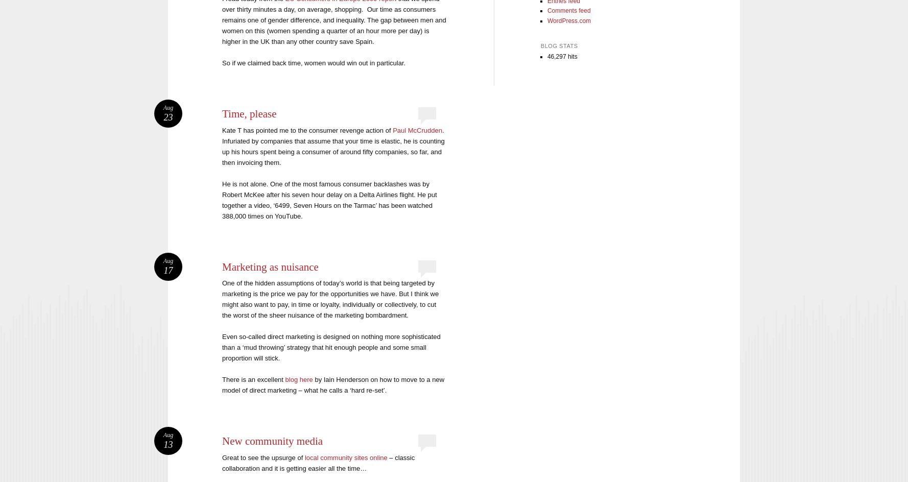 The width and height of the screenshot is (908, 482). I want to click on 'local community sites online', so click(303, 456).